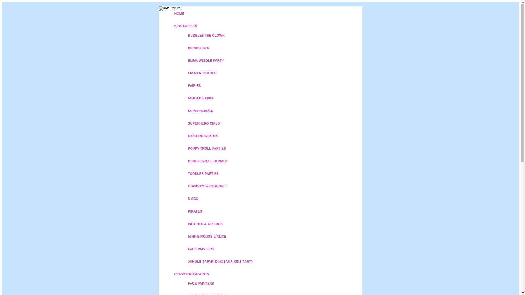  What do you see at coordinates (203, 135) in the screenshot?
I see `'UNICORN PARTIES'` at bounding box center [203, 135].